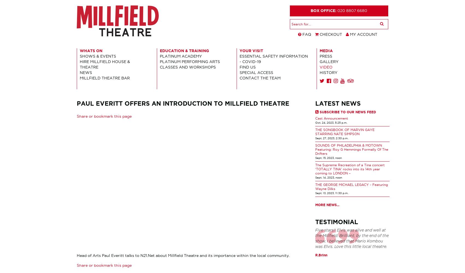 This screenshot has height=273, width=465. What do you see at coordinates (351, 238) in the screenshot?
I see `'Five stars!! Elvis was alive and well at the Millfield. Brilliant, by the end of the show, I believed that Mario Kombou was Elvis. Love this little local theatre.'` at bounding box center [351, 238].